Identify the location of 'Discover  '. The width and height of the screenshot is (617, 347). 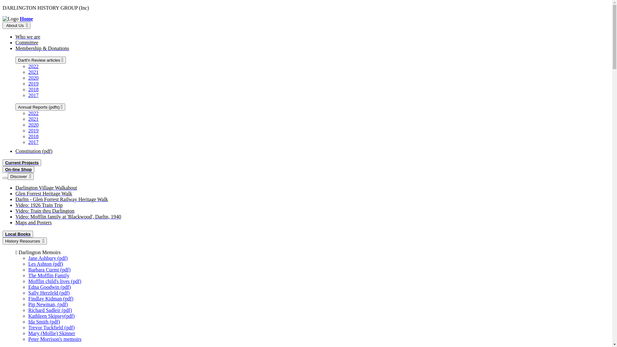
(21, 176).